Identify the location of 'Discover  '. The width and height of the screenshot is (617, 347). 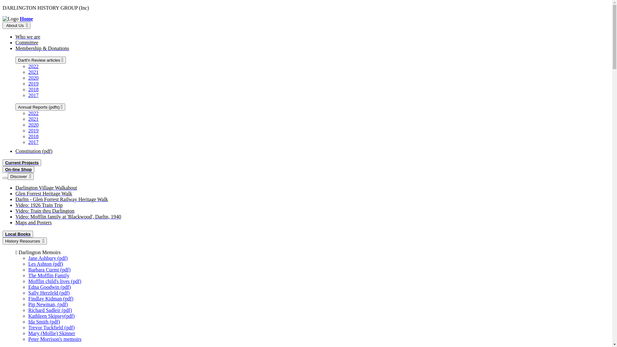
(21, 176).